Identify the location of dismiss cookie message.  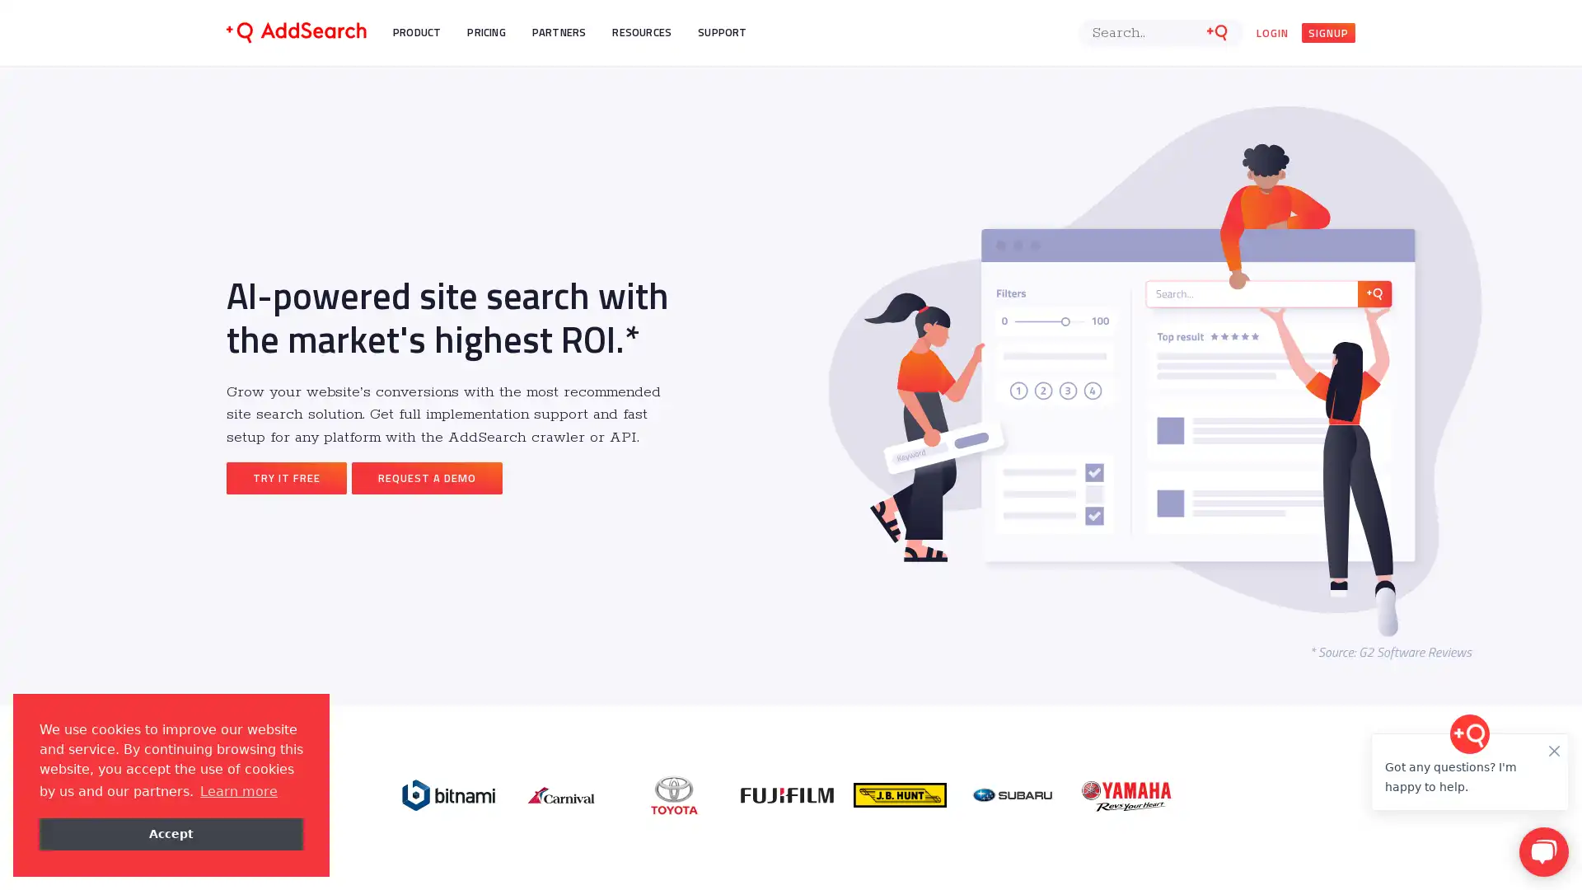
(171, 833).